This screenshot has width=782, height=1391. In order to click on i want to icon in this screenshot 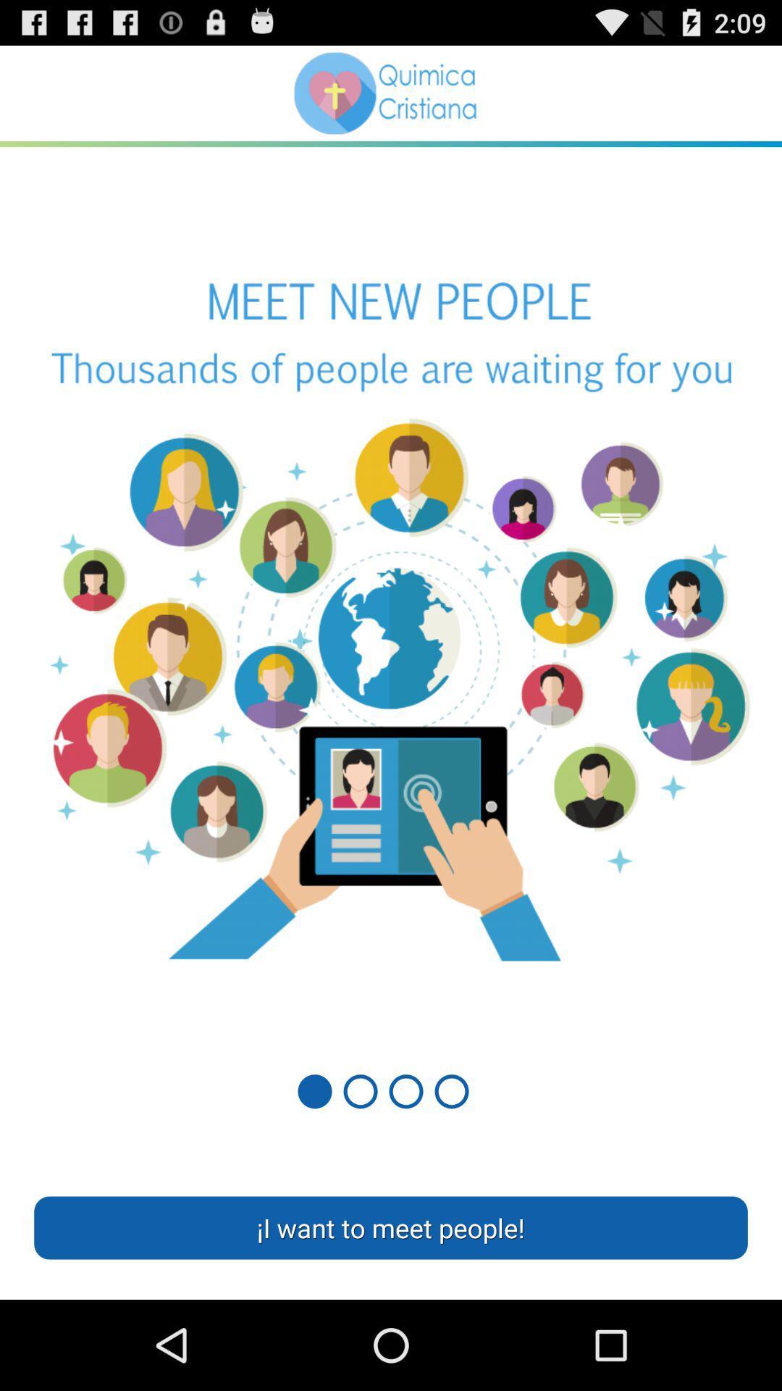, I will do `click(391, 1227)`.